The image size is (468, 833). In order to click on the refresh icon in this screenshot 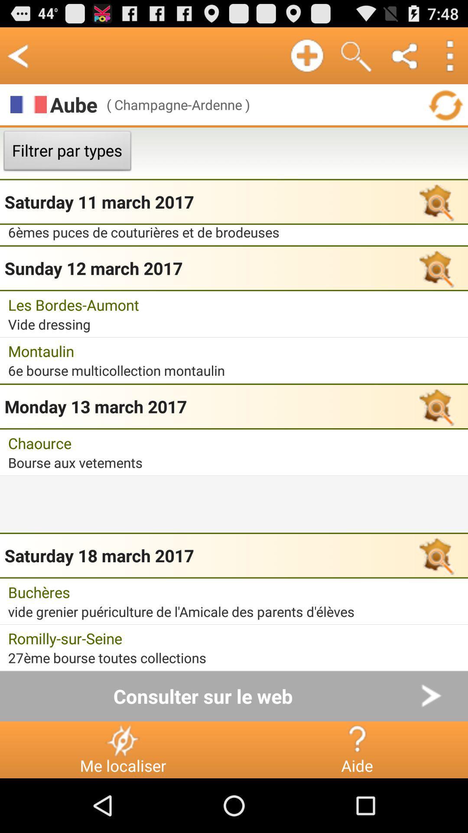, I will do `click(445, 112)`.